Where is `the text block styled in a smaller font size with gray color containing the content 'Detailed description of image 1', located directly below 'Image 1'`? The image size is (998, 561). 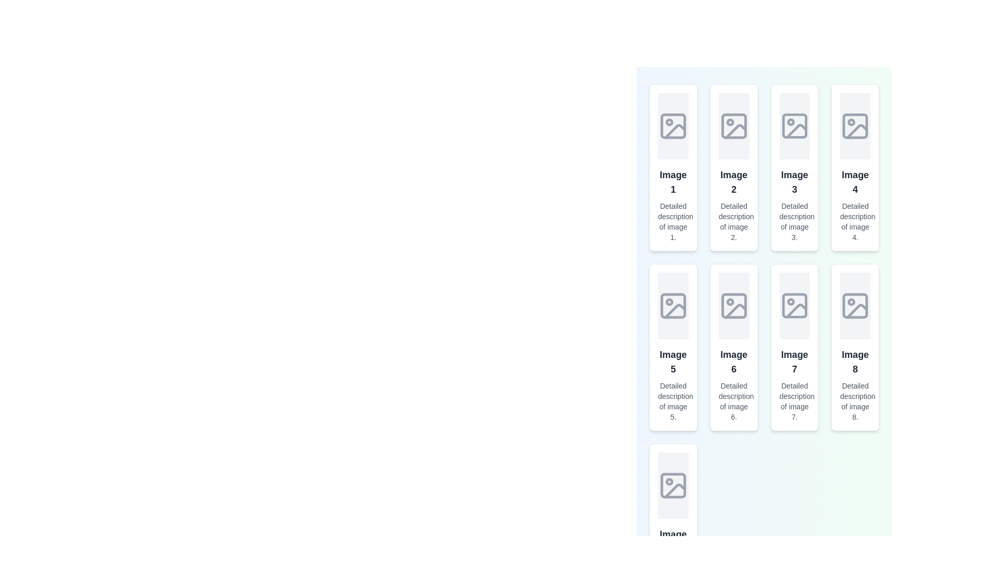
the text block styled in a smaller font size with gray color containing the content 'Detailed description of image 1', located directly below 'Image 1' is located at coordinates (673, 221).